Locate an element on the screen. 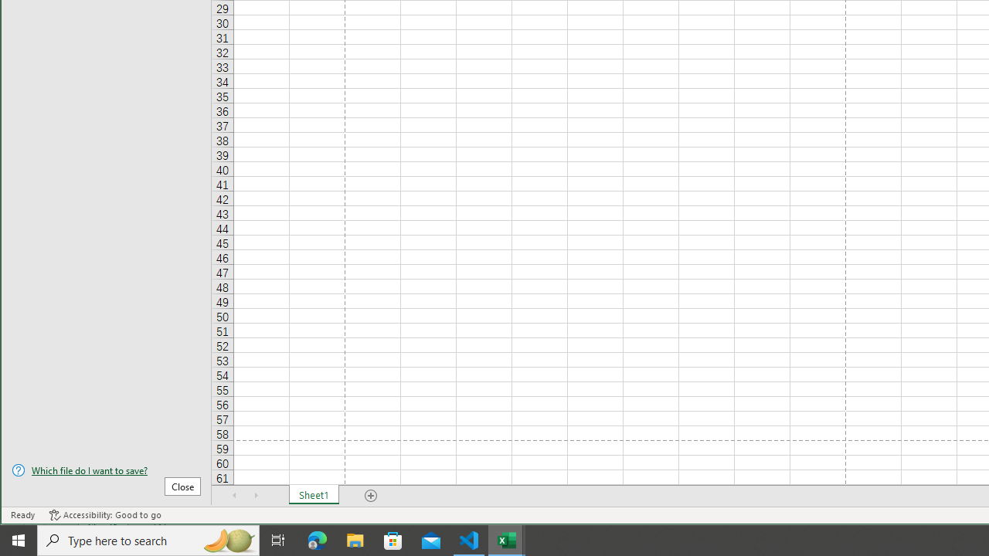  'Visual Studio Code - 1 running window' is located at coordinates (468, 539).